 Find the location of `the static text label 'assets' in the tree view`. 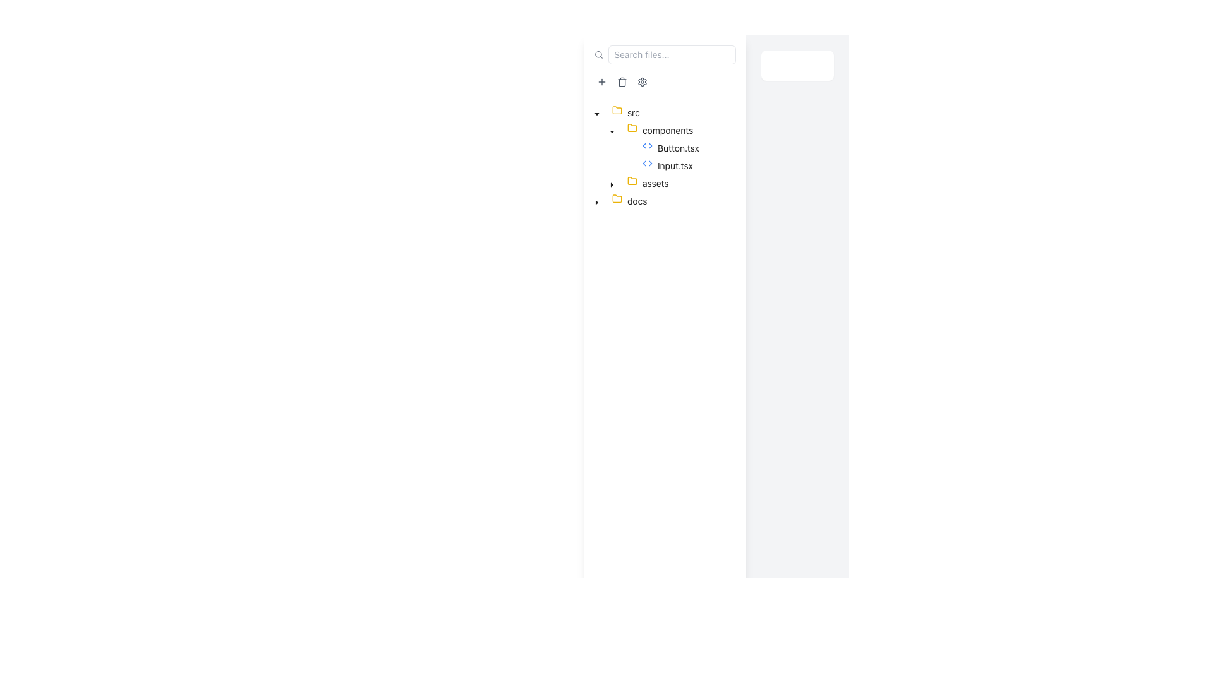

the static text label 'assets' in the tree view is located at coordinates (655, 183).